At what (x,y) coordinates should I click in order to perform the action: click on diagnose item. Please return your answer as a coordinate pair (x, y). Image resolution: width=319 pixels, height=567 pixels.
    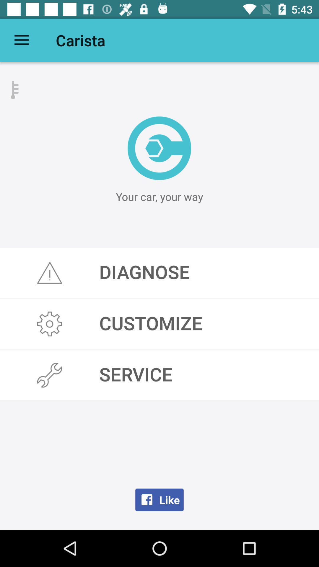
    Looking at the image, I should click on (159, 272).